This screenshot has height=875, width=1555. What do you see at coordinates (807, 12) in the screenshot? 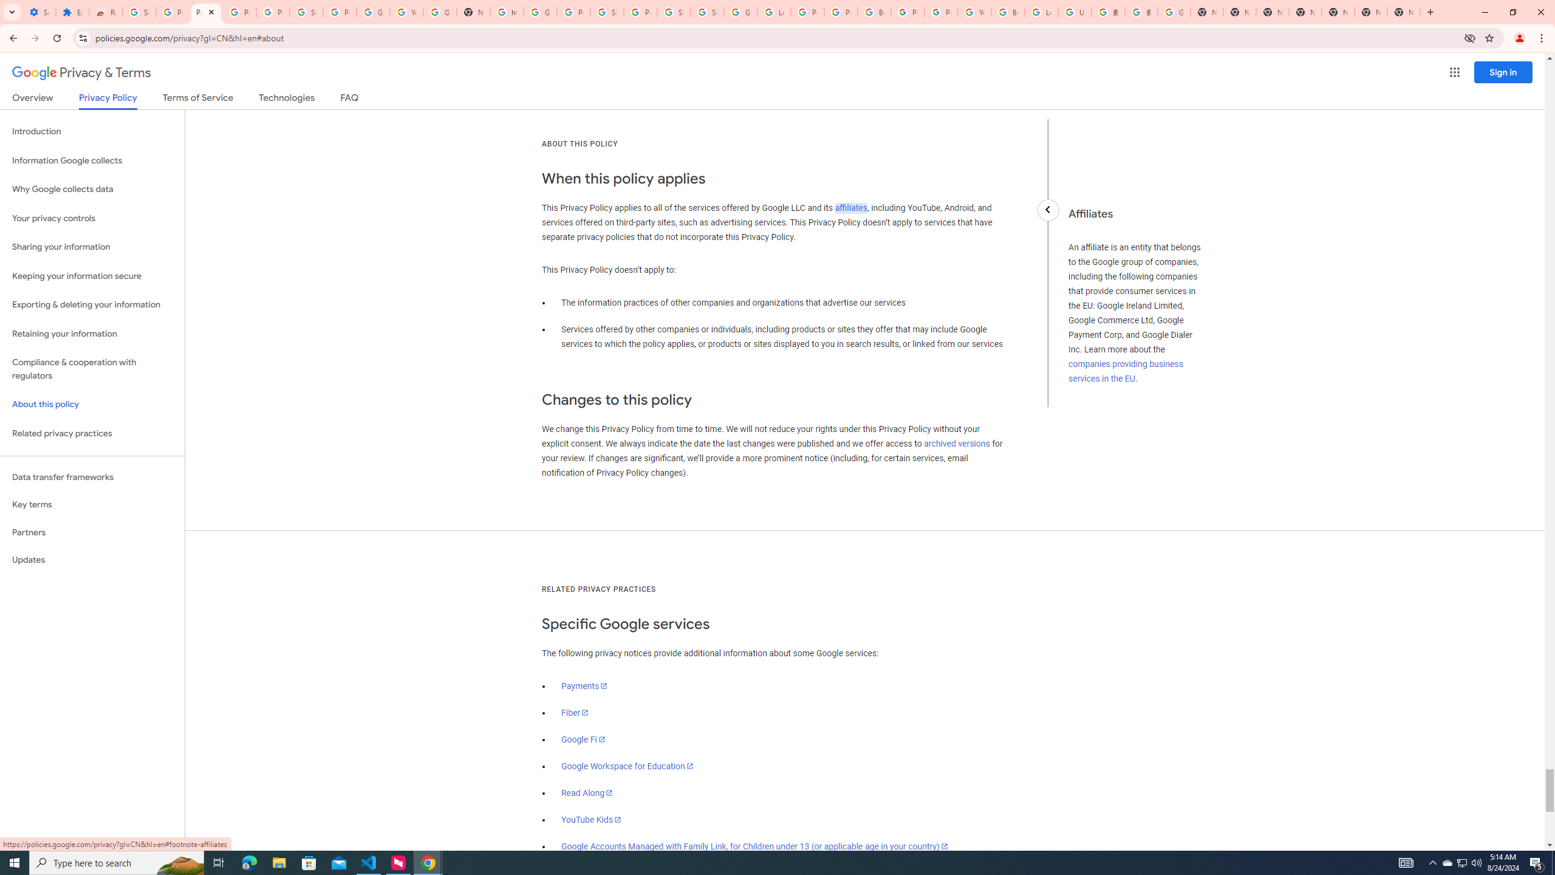
I see `'Privacy Help Center - Policies Help'` at bounding box center [807, 12].